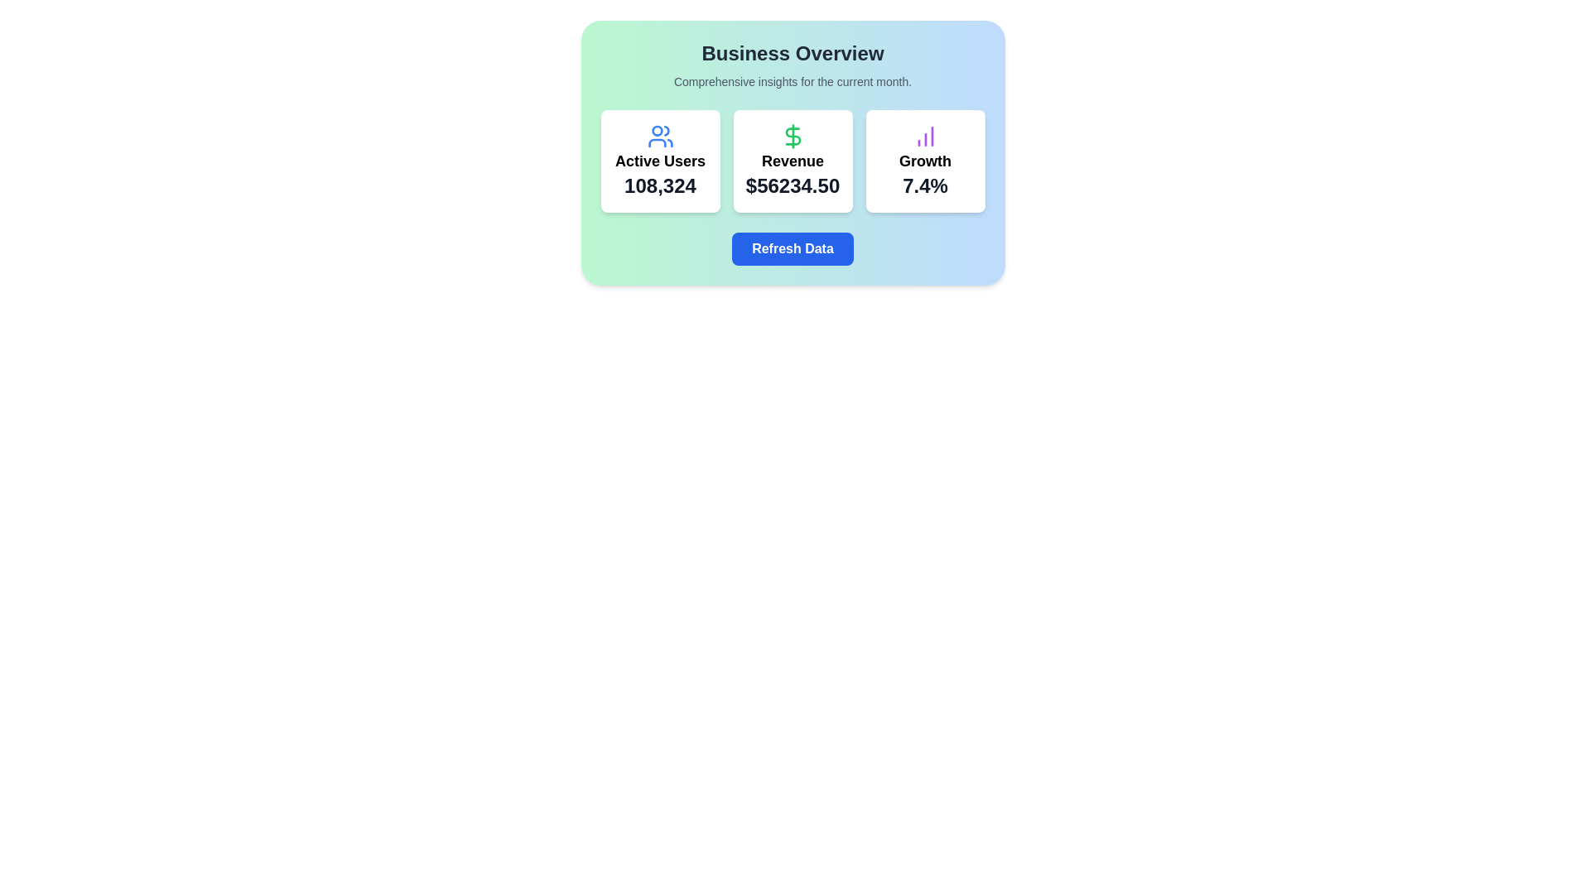  Describe the element at coordinates (656, 130) in the screenshot. I see `the circular vector graphic element representing user count in the top left segment of the statistics dashboard` at that location.